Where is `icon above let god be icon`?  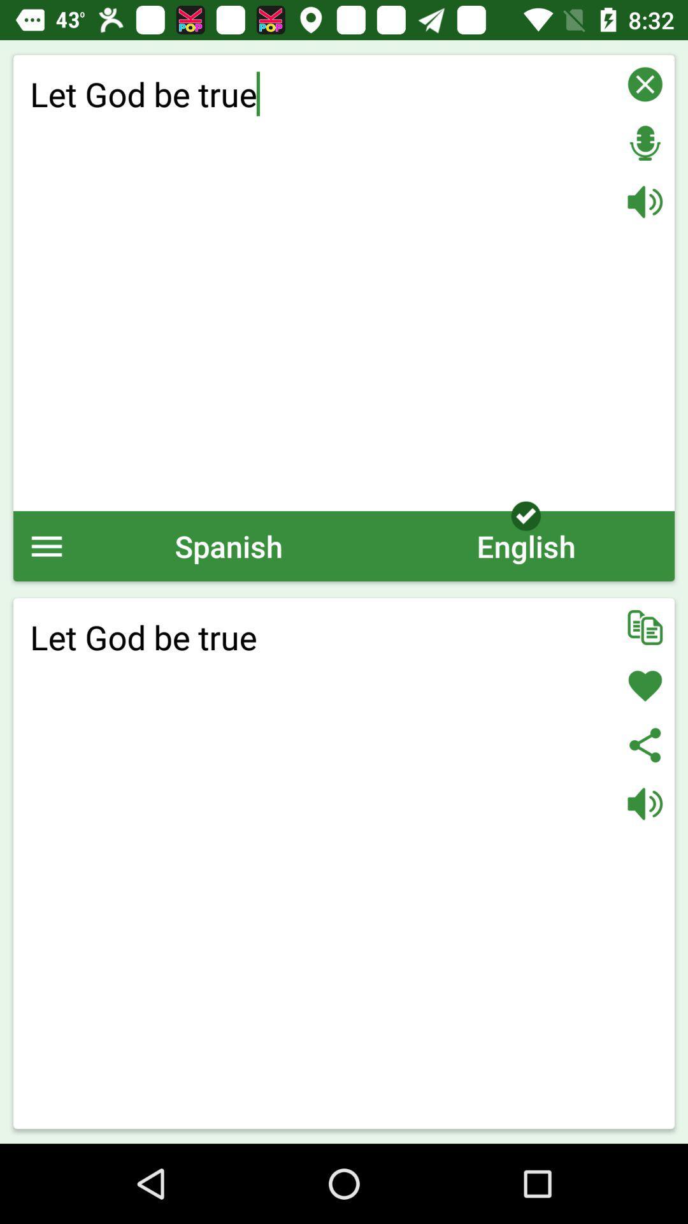
icon above let god be icon is located at coordinates (228, 546).